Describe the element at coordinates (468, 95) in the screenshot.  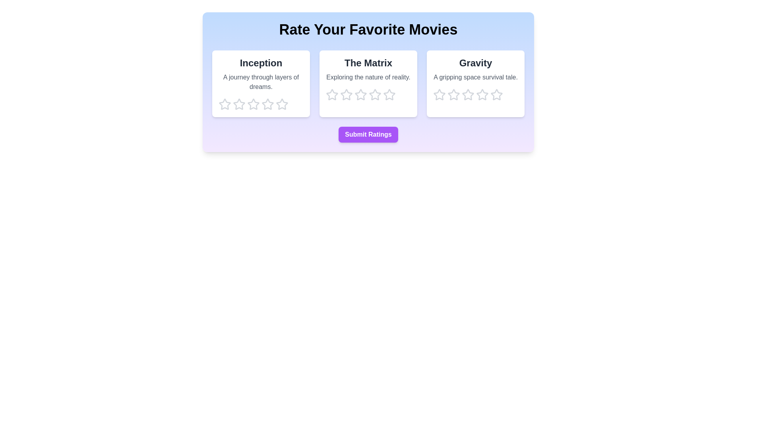
I see `the star corresponding to 3 for the movie Gravity` at that location.